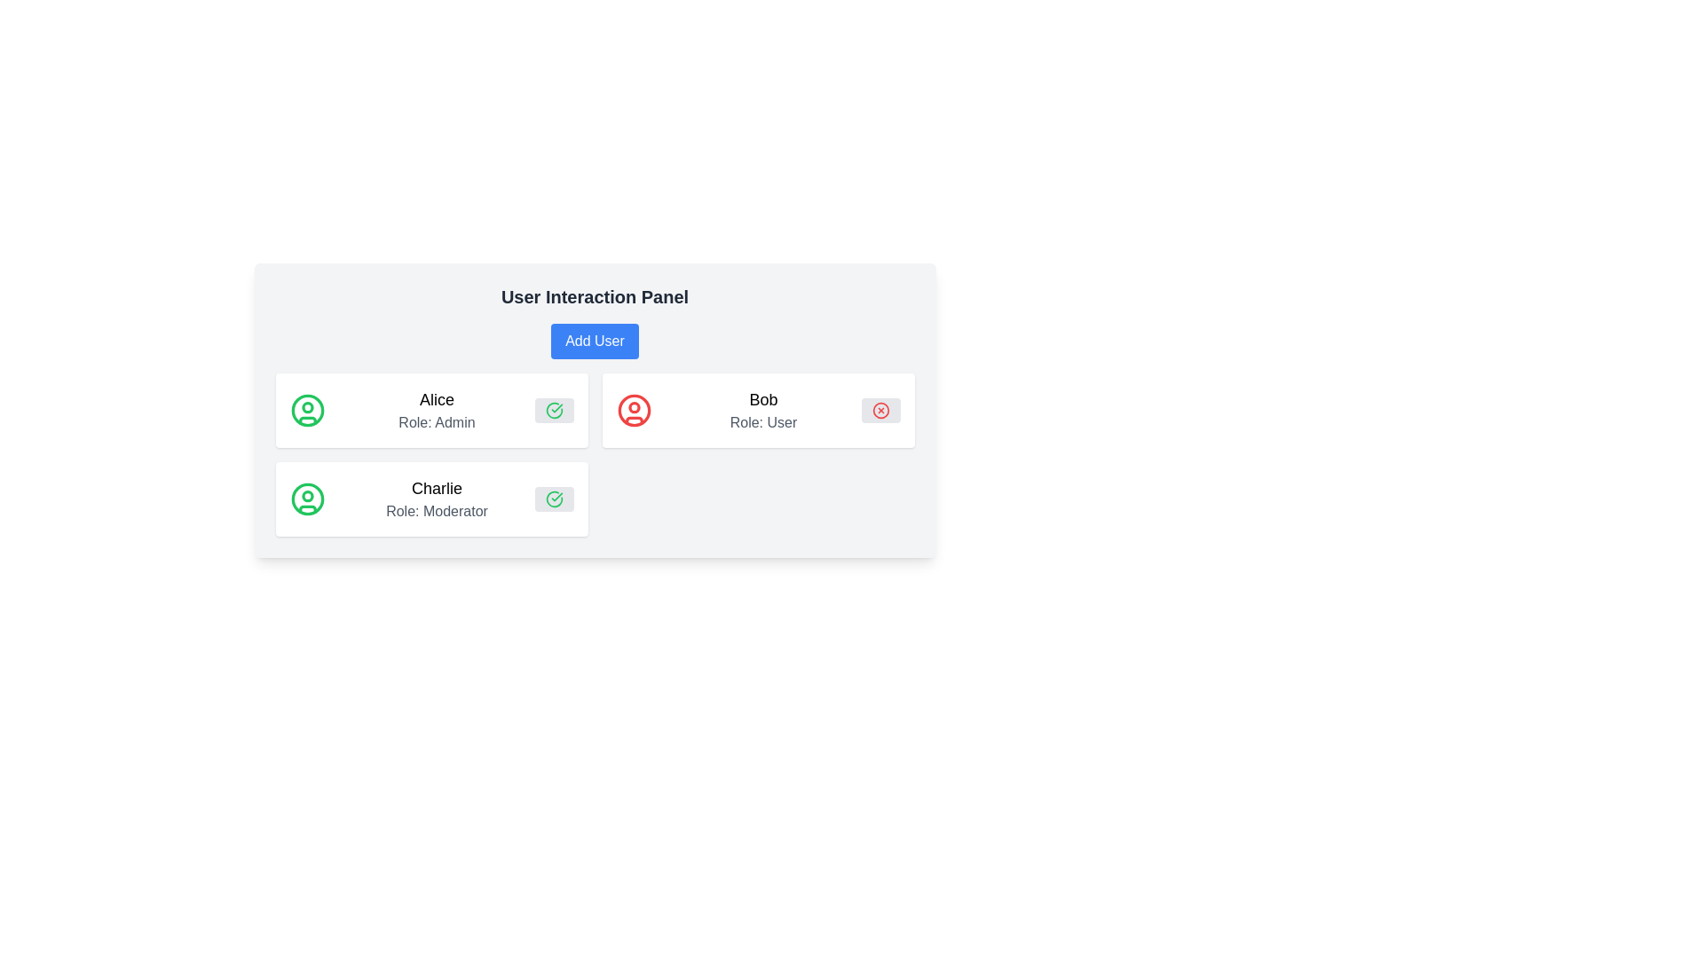  What do you see at coordinates (307, 509) in the screenshot?
I see `the decorative visual element representing the neckline of Charlie's user icon, located at the bottom of the user circle icon in the second row of user entries in the interface panel` at bounding box center [307, 509].